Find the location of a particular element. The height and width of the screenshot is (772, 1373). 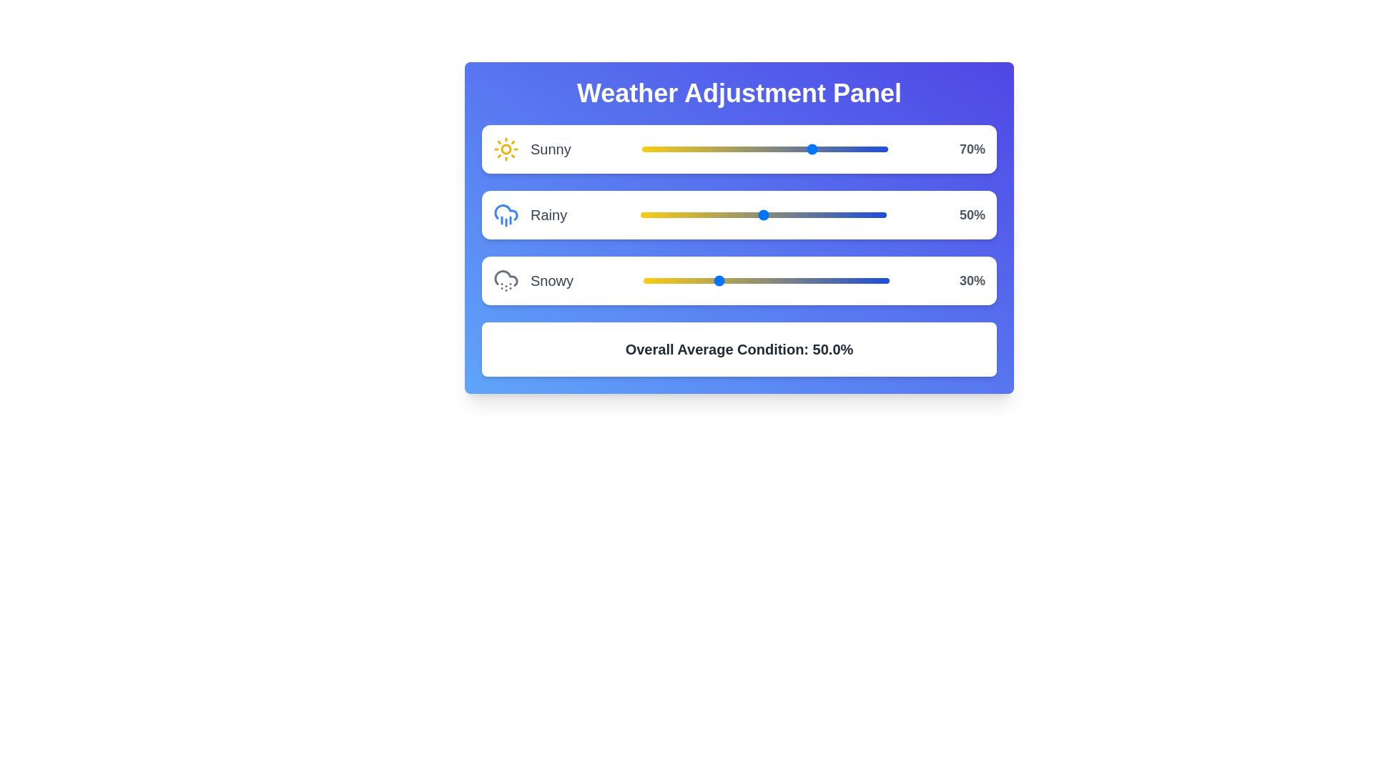

the value of the slider is located at coordinates (879, 281).